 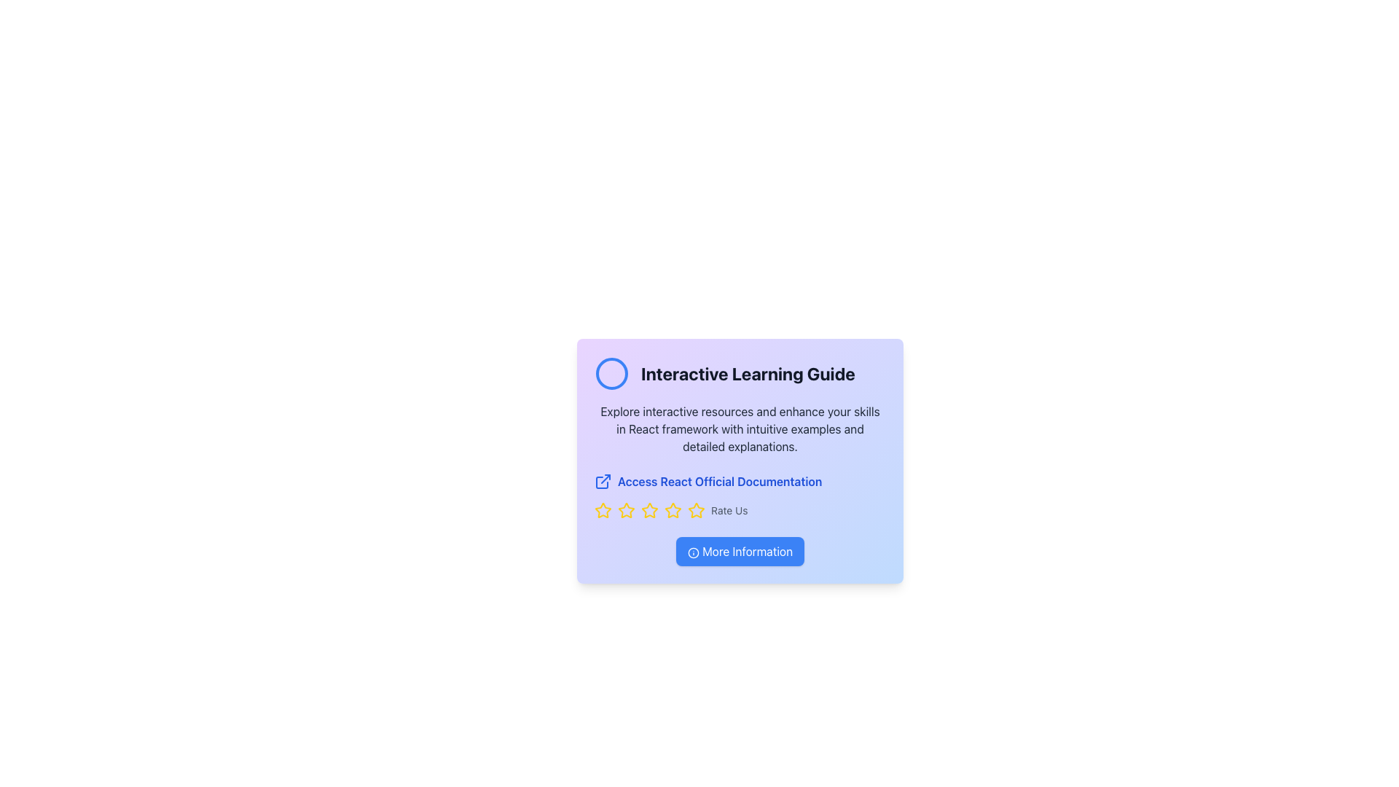 I want to click on the External Link Icon, which is a blue square icon with a diagonal arrow pointing outward, located to the left of the text 'Access React Official Documentation', so click(x=603, y=481).